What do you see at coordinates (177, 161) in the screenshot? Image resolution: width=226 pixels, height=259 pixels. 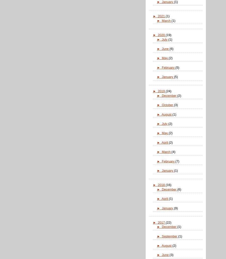 I see `'(7)'` at bounding box center [177, 161].